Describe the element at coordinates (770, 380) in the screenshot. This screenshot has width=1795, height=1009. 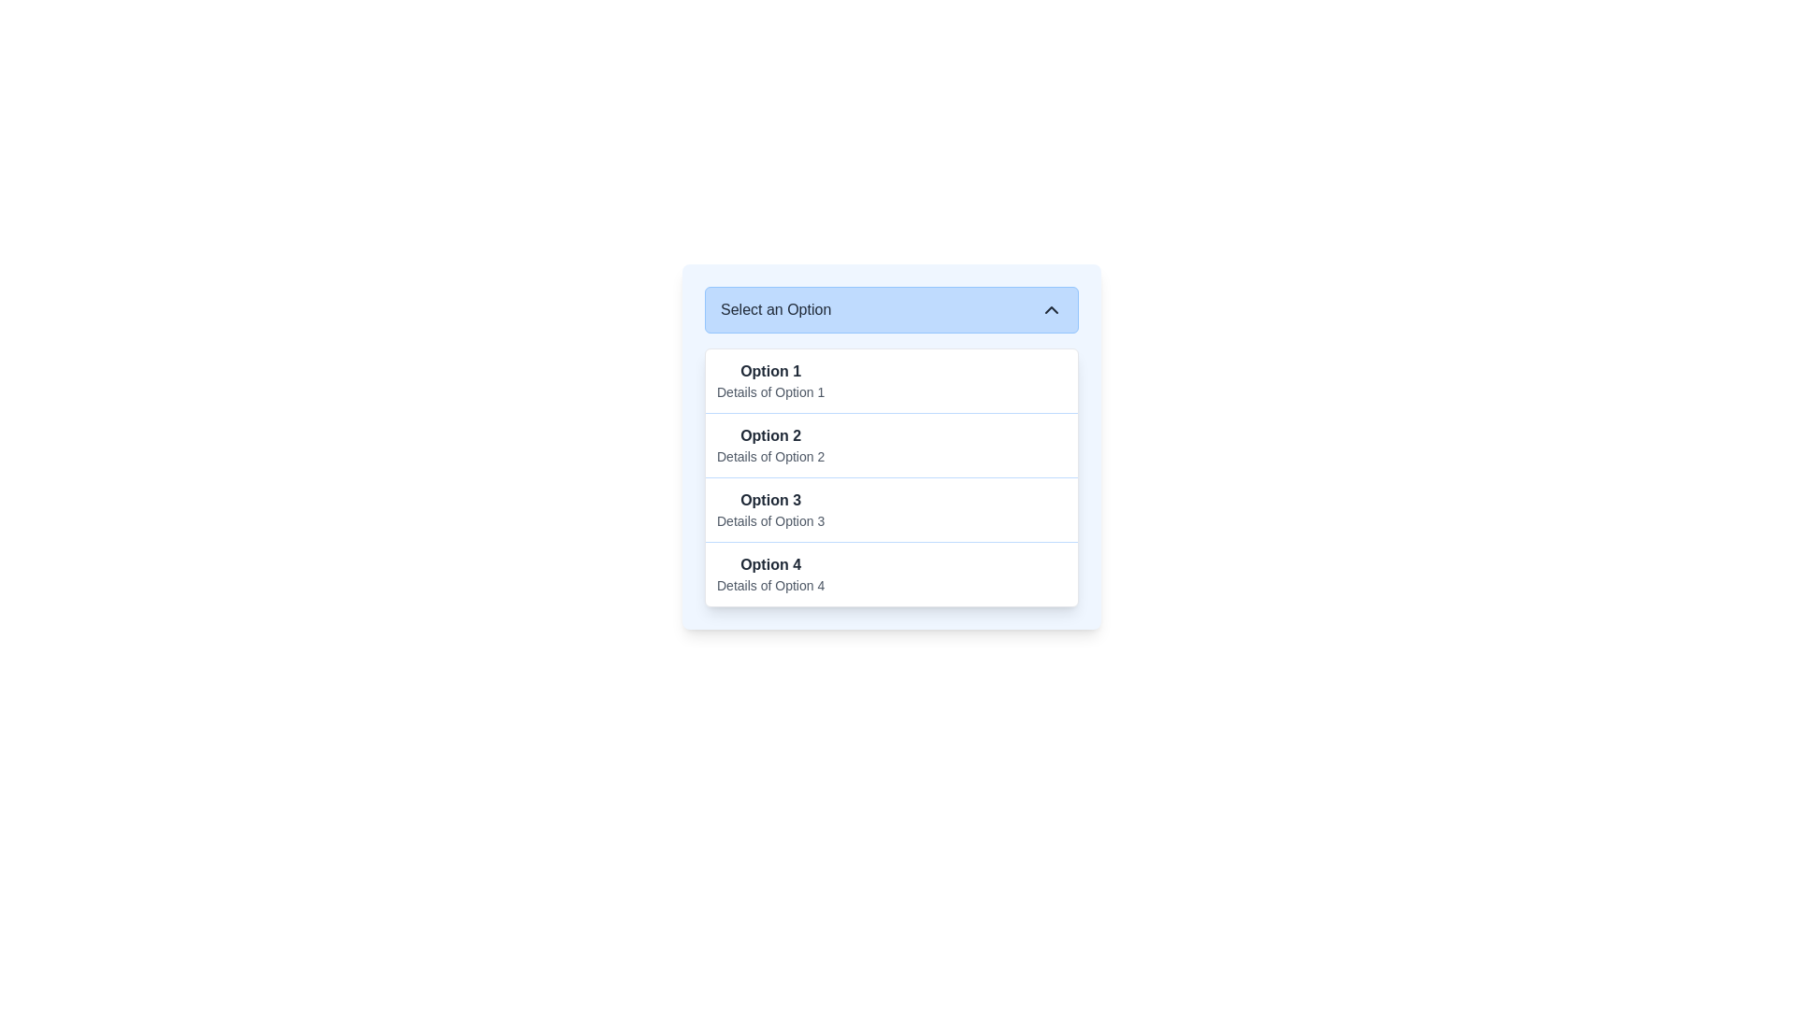
I see `the first entry in the dropdown list below the 'Select an Option' header` at that location.